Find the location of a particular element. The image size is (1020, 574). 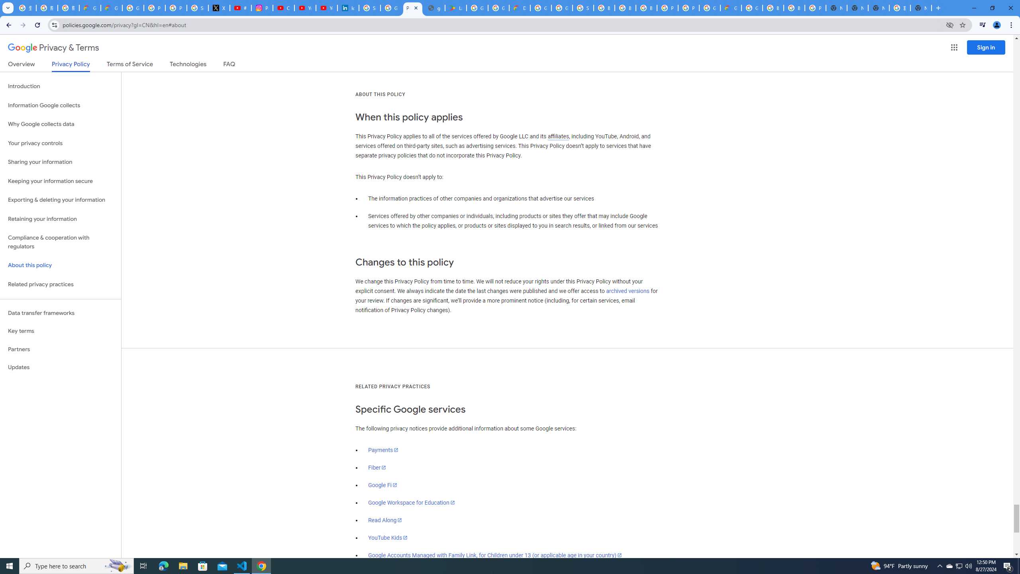

'Updates' is located at coordinates (60, 367).